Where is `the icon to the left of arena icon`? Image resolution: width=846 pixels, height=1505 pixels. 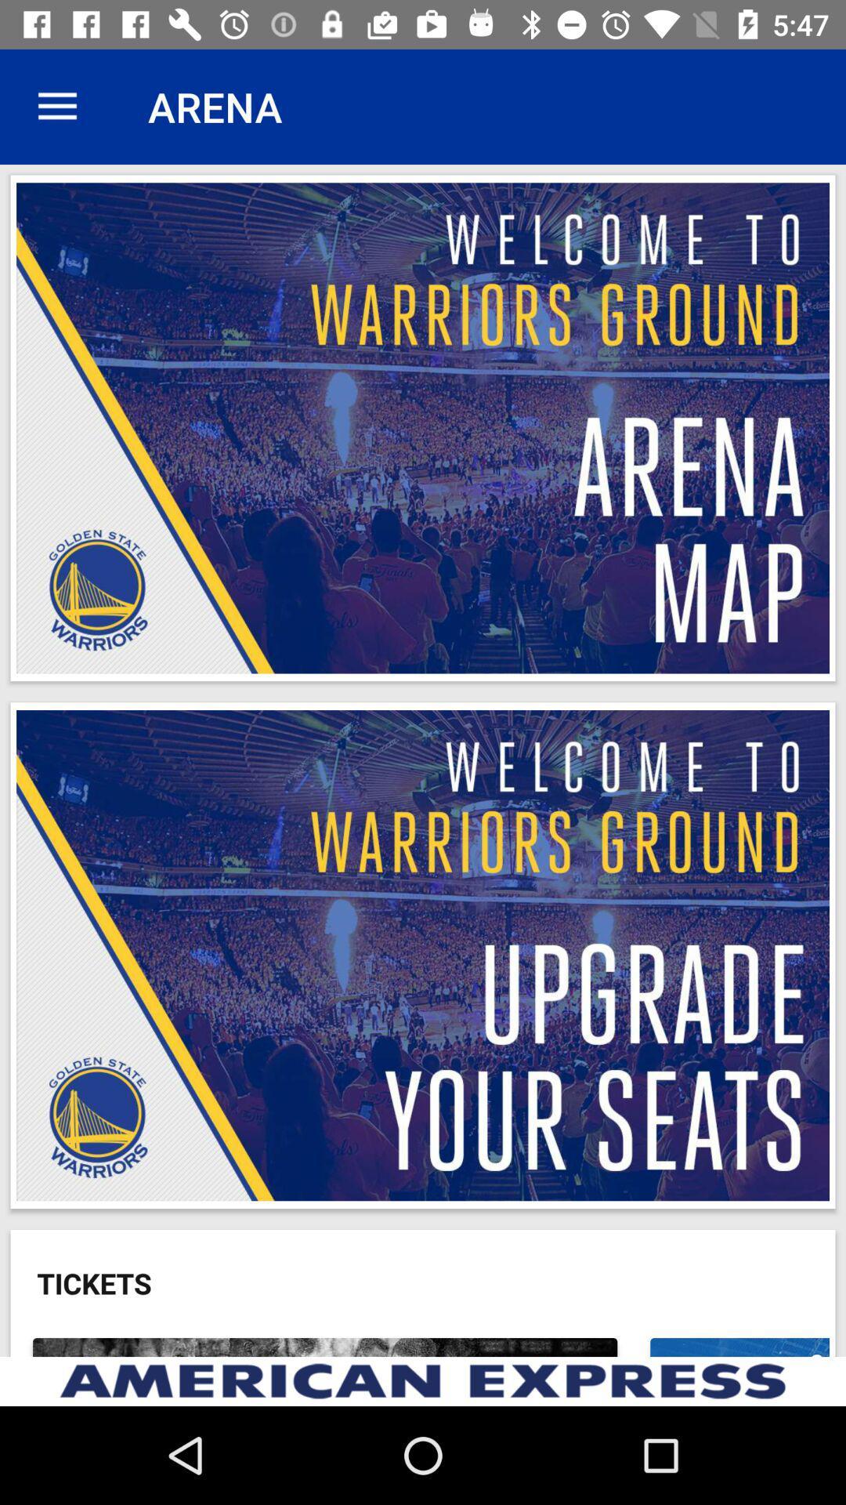
the icon to the left of arena icon is located at coordinates (56, 106).